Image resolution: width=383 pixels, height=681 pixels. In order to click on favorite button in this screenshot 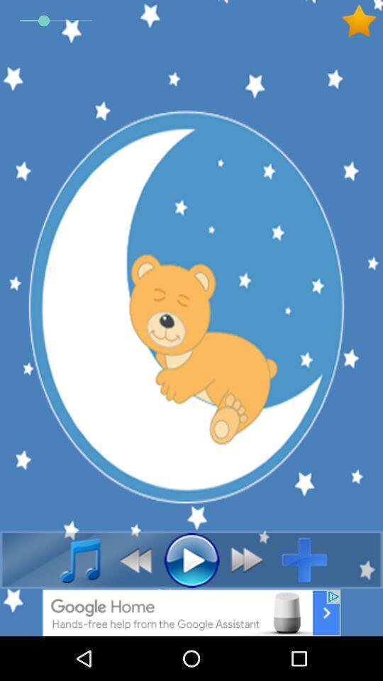, I will do `click(362, 20)`.